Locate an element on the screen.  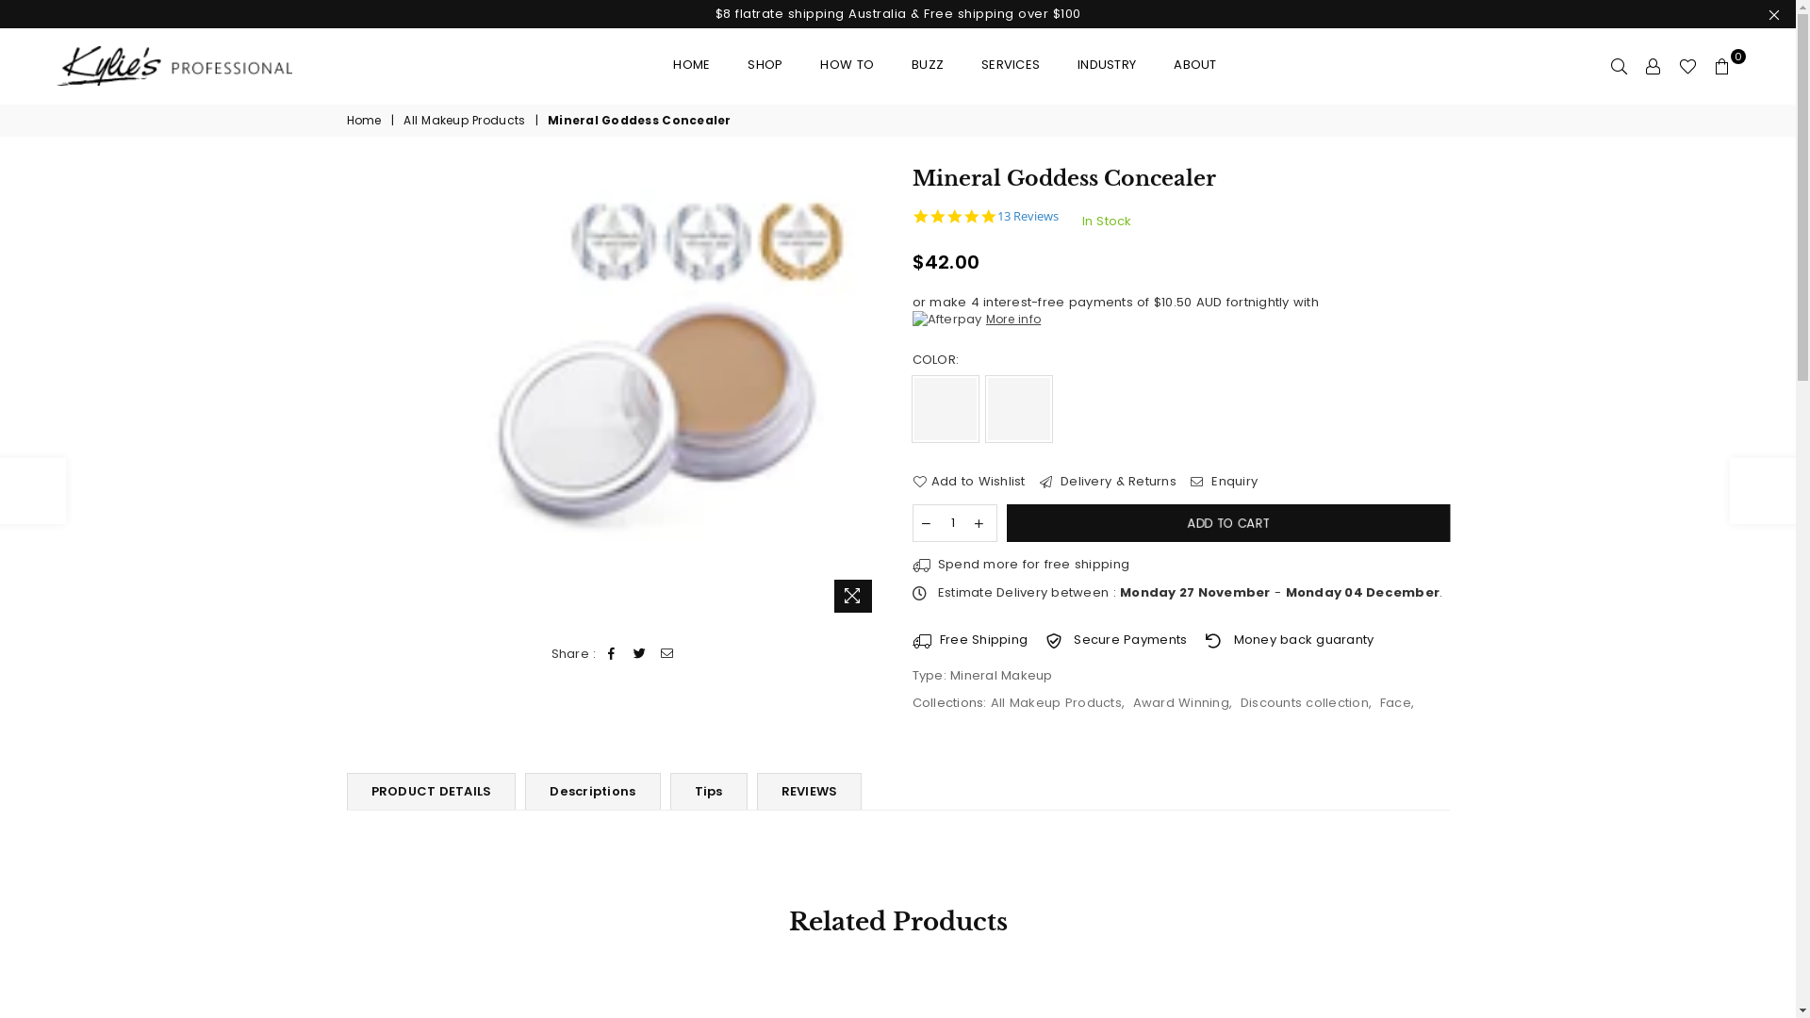
'KYLIES PROFESSIONAL MAKEUP' is located at coordinates (189, 64).